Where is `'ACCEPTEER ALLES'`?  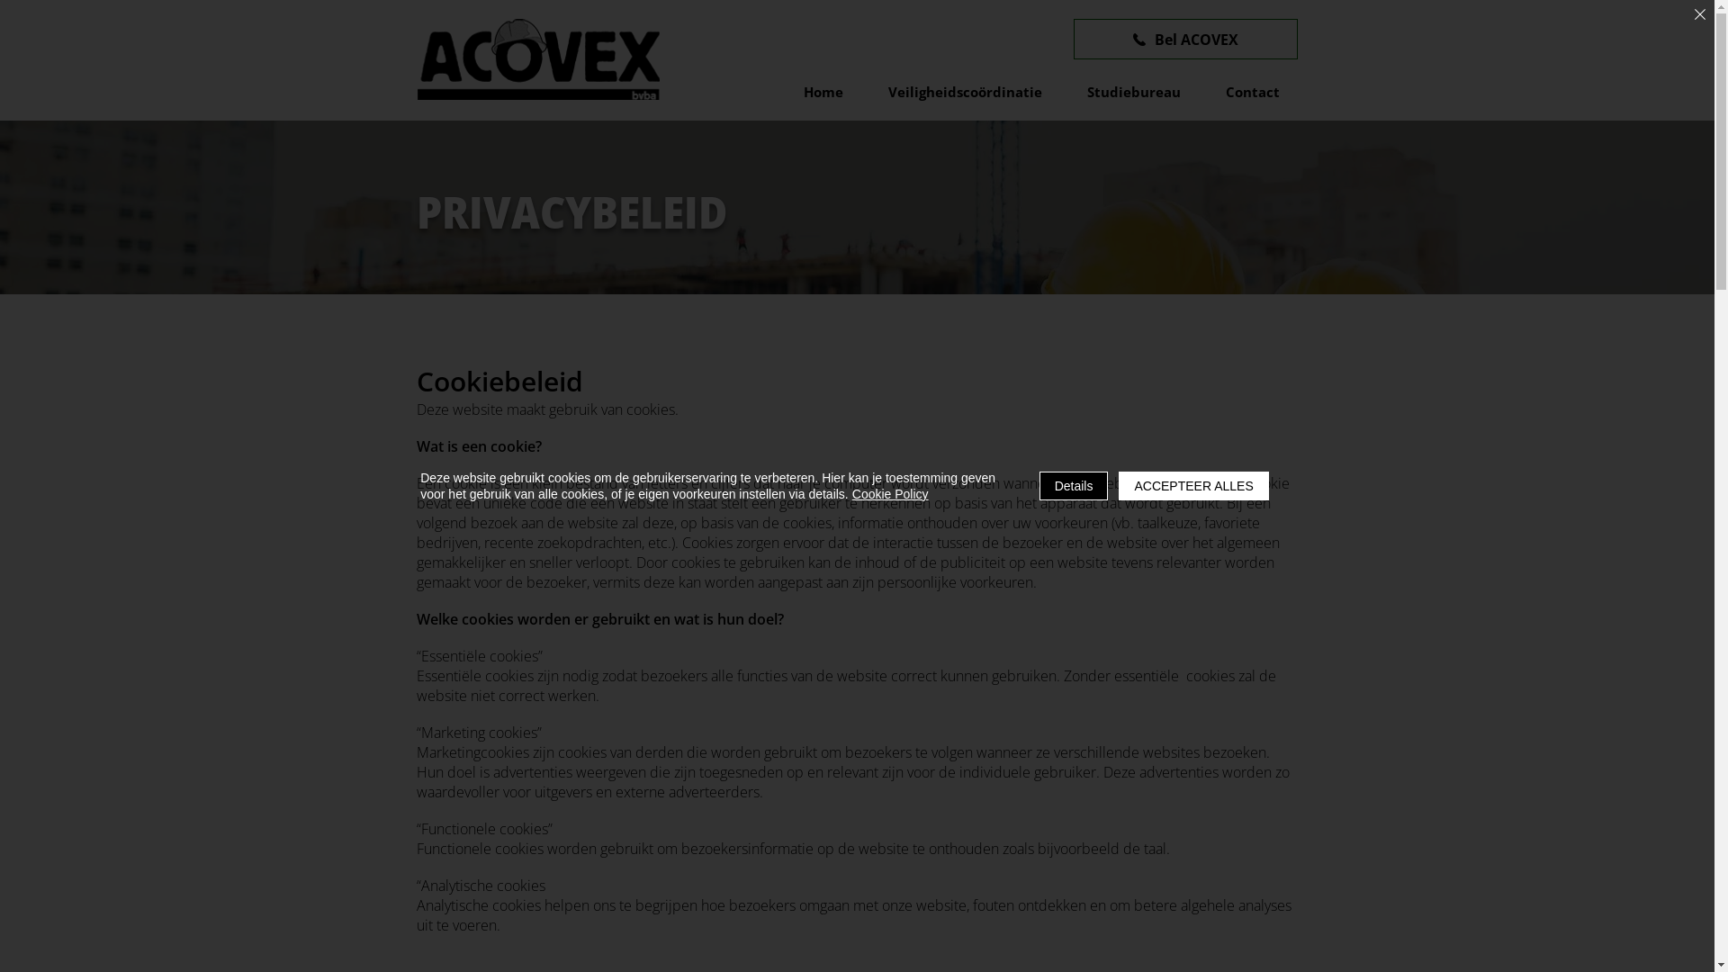 'ACCEPTEER ALLES' is located at coordinates (1192, 486).